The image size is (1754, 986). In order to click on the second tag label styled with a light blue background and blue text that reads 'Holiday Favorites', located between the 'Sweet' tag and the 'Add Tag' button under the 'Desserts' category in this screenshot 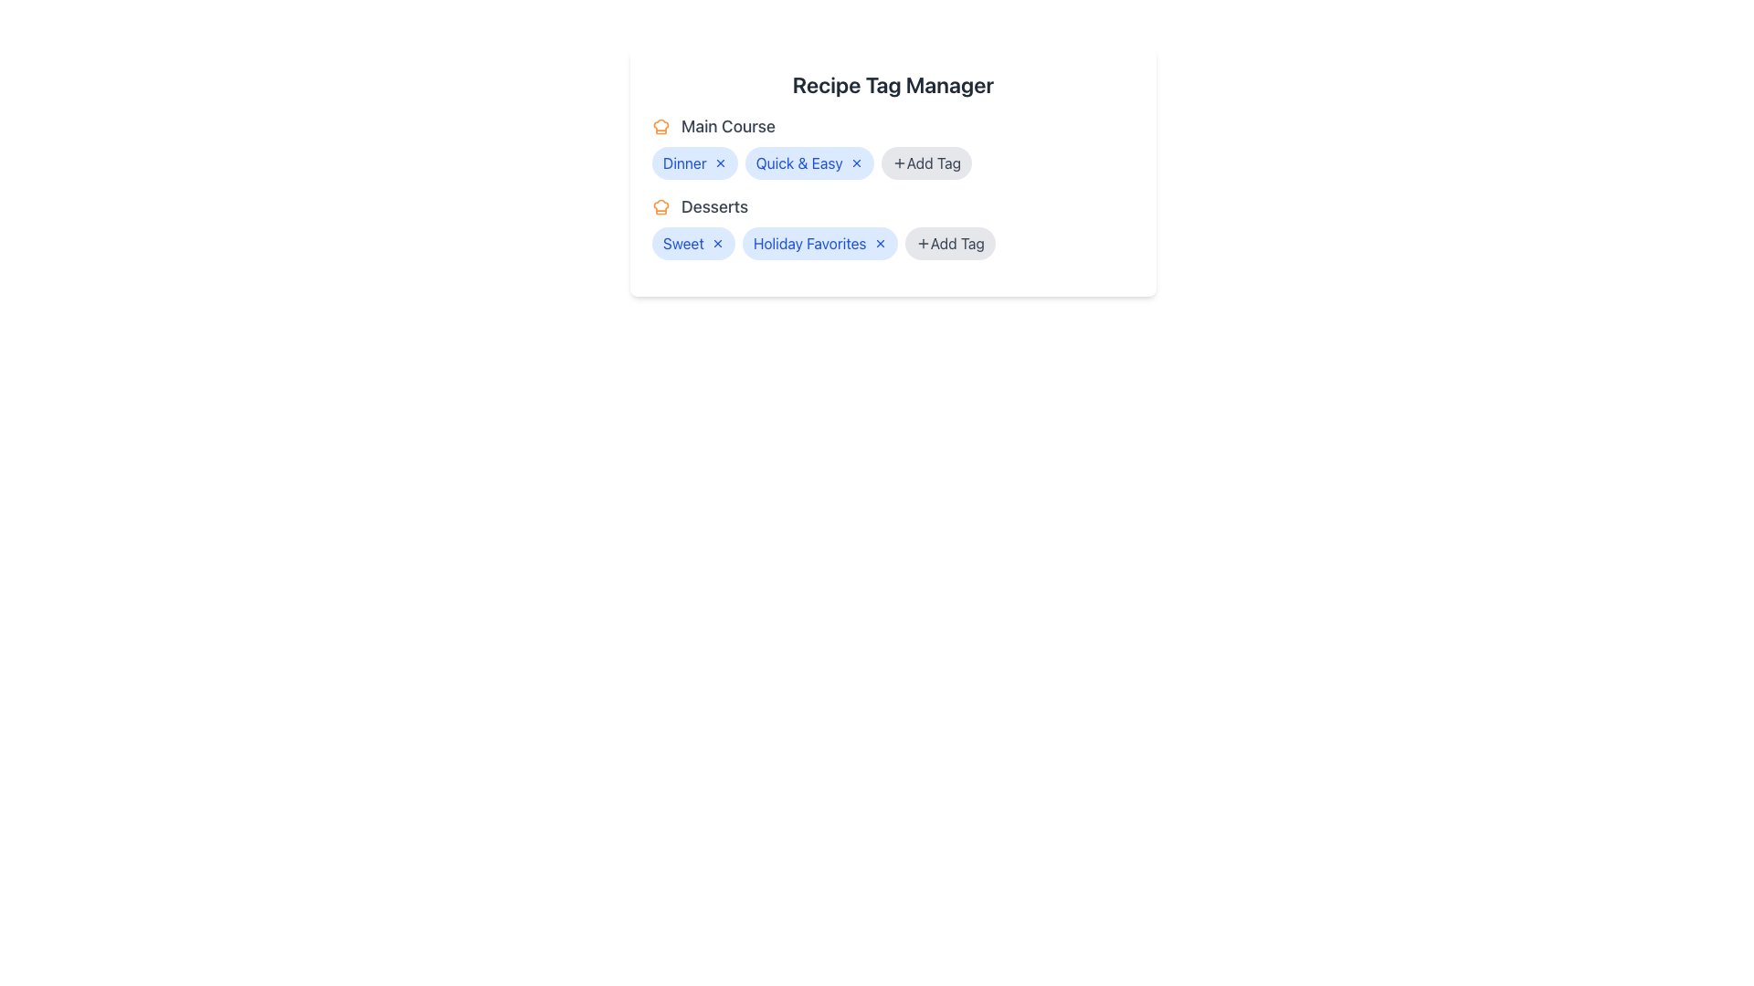, I will do `click(819, 242)`.